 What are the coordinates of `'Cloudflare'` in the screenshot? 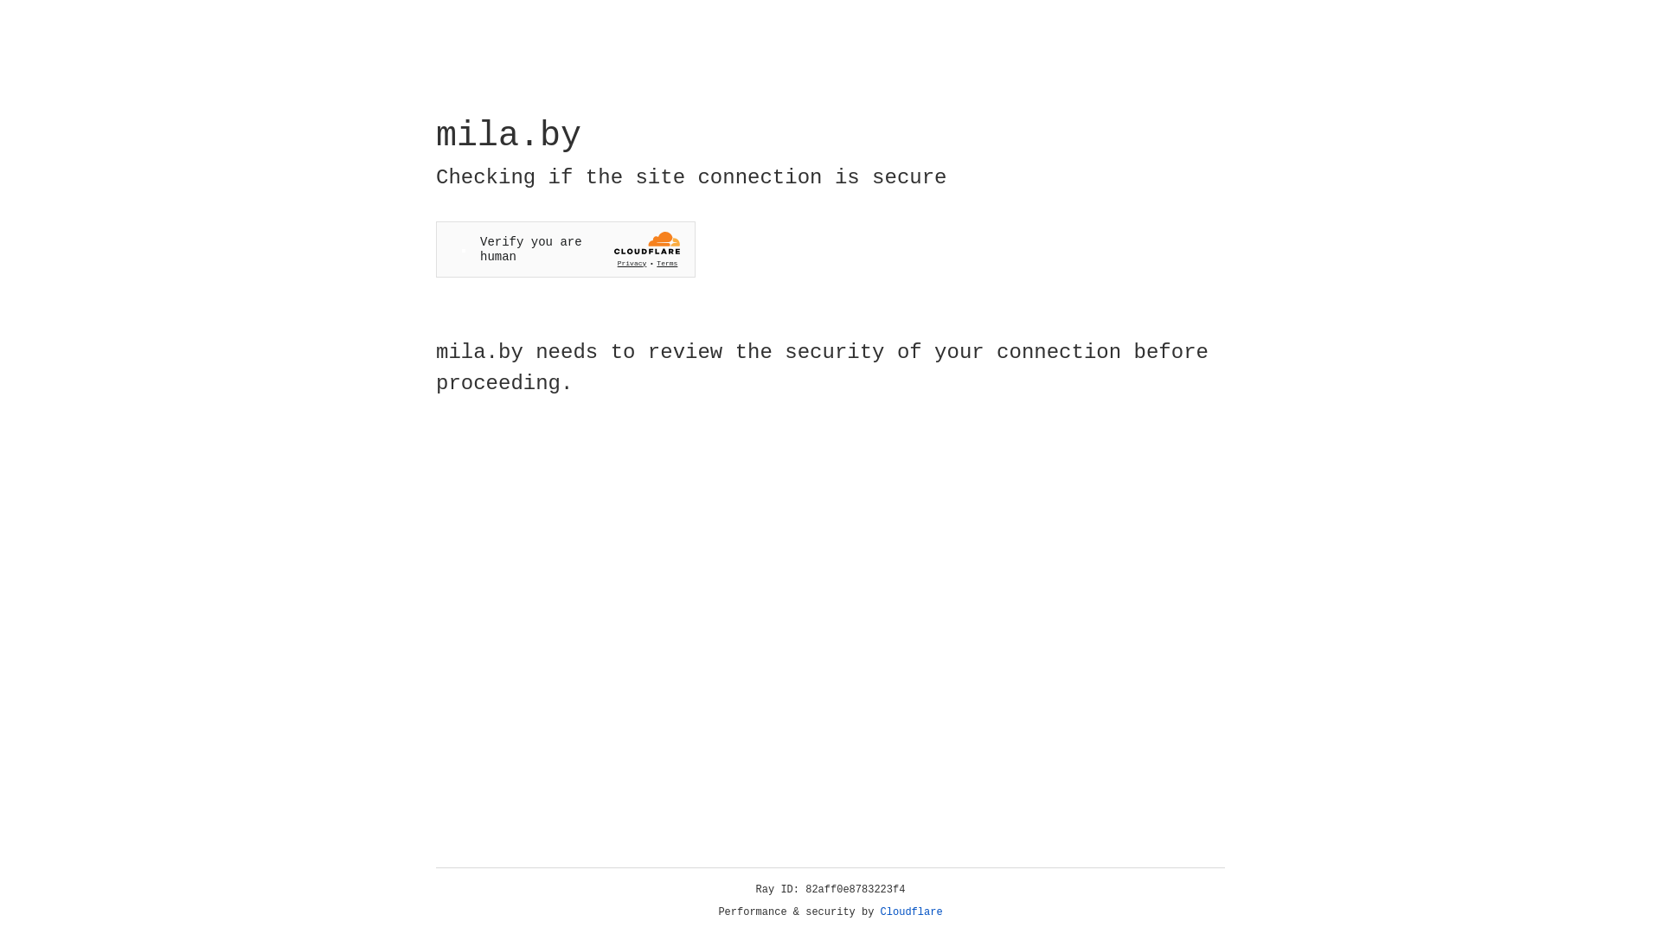 It's located at (911, 912).